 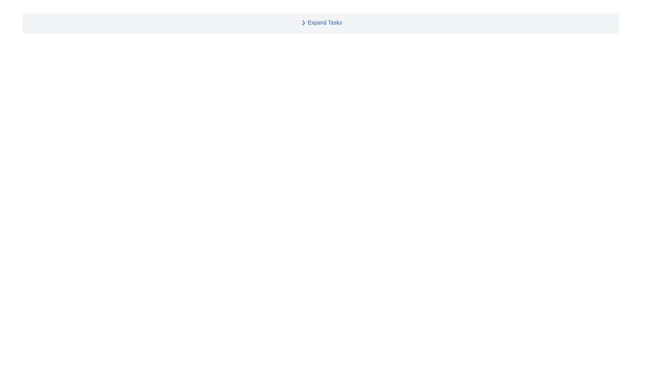 What do you see at coordinates (303, 22) in the screenshot?
I see `the blue chevron arrow icon located to the left of the 'Expand Tasks' text` at bounding box center [303, 22].